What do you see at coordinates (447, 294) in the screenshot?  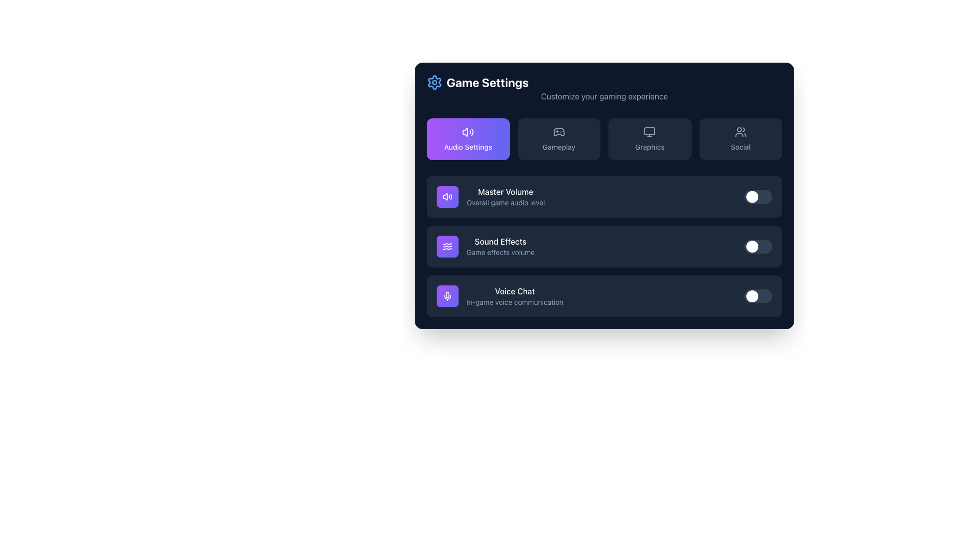 I see `the microphone icon located inside the 'Voice Chat' button in the 'Audio Settings' section of the interface` at bounding box center [447, 294].